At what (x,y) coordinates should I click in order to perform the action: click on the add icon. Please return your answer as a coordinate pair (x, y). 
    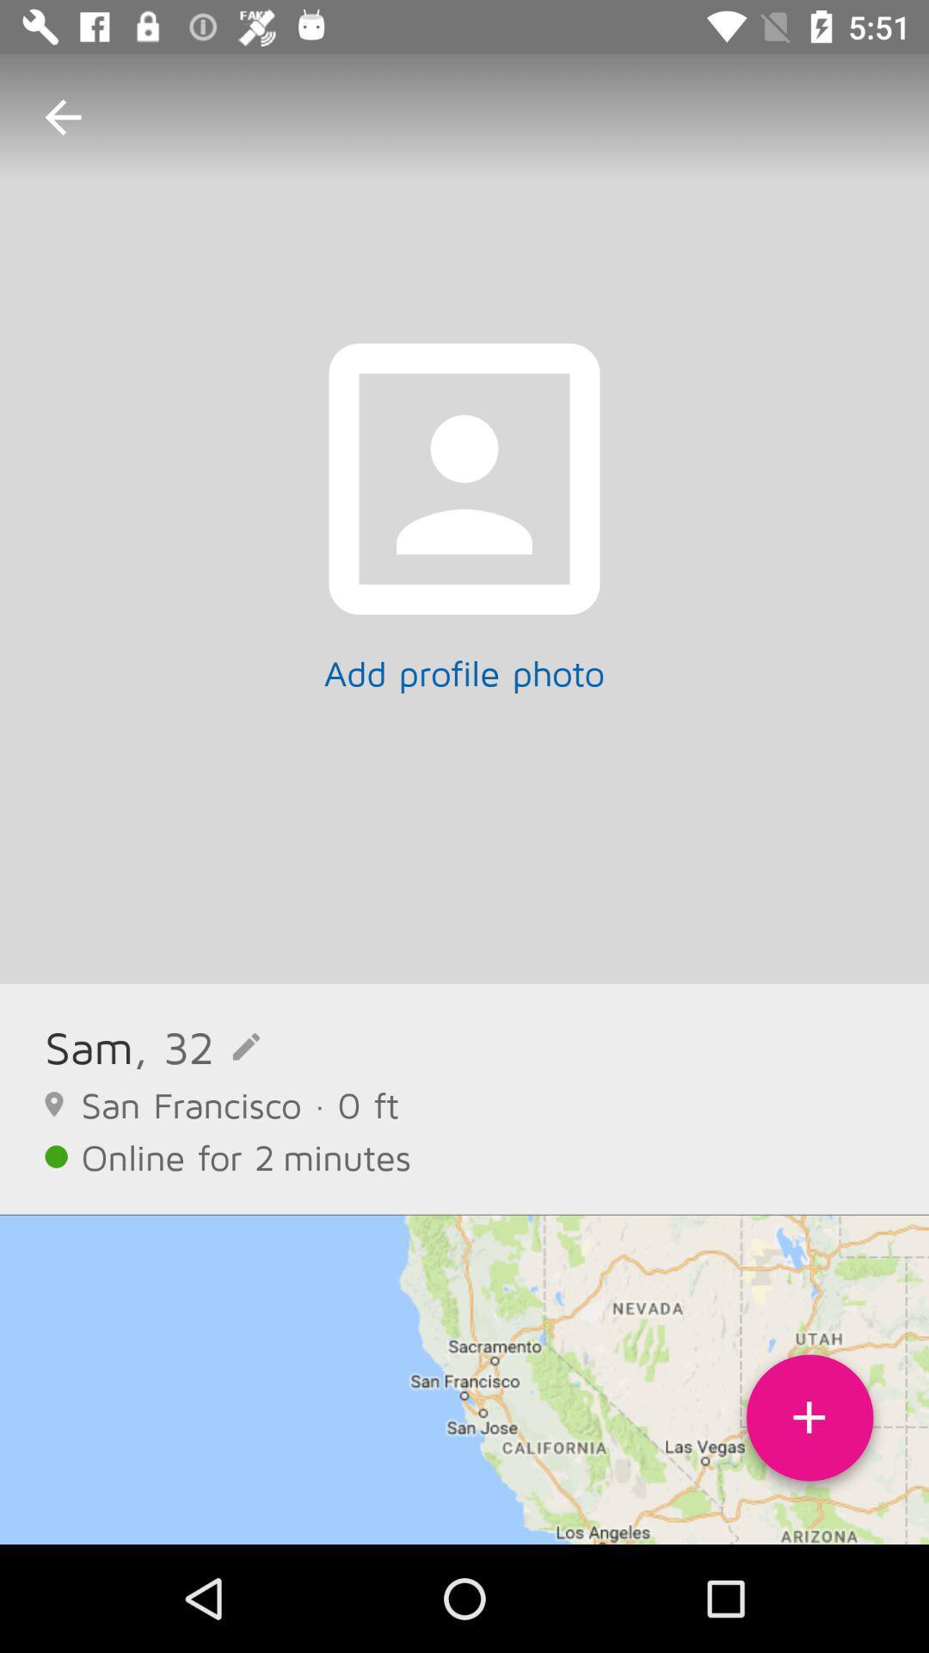
    Looking at the image, I should click on (809, 1424).